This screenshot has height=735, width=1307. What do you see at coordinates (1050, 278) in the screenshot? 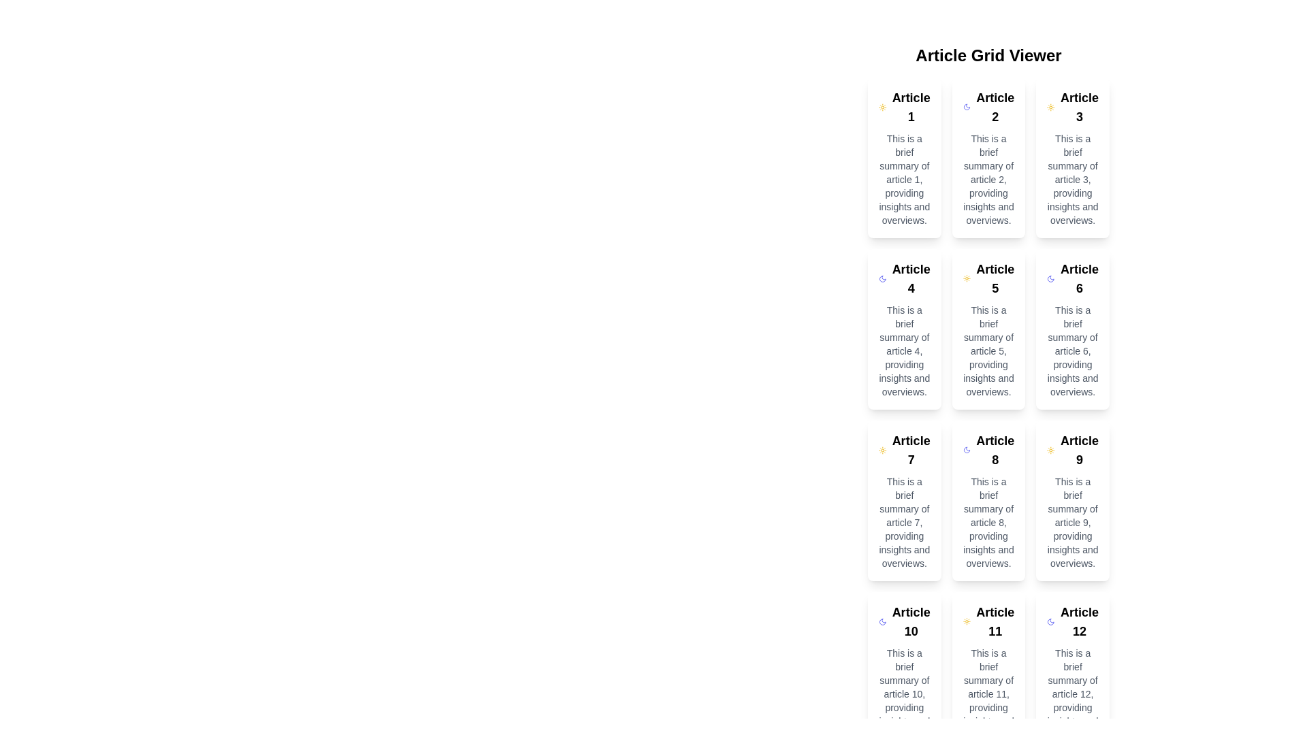
I see `the crescent moon icon representing the night theme located in the top-left corner of the 'Article 2' card` at bounding box center [1050, 278].